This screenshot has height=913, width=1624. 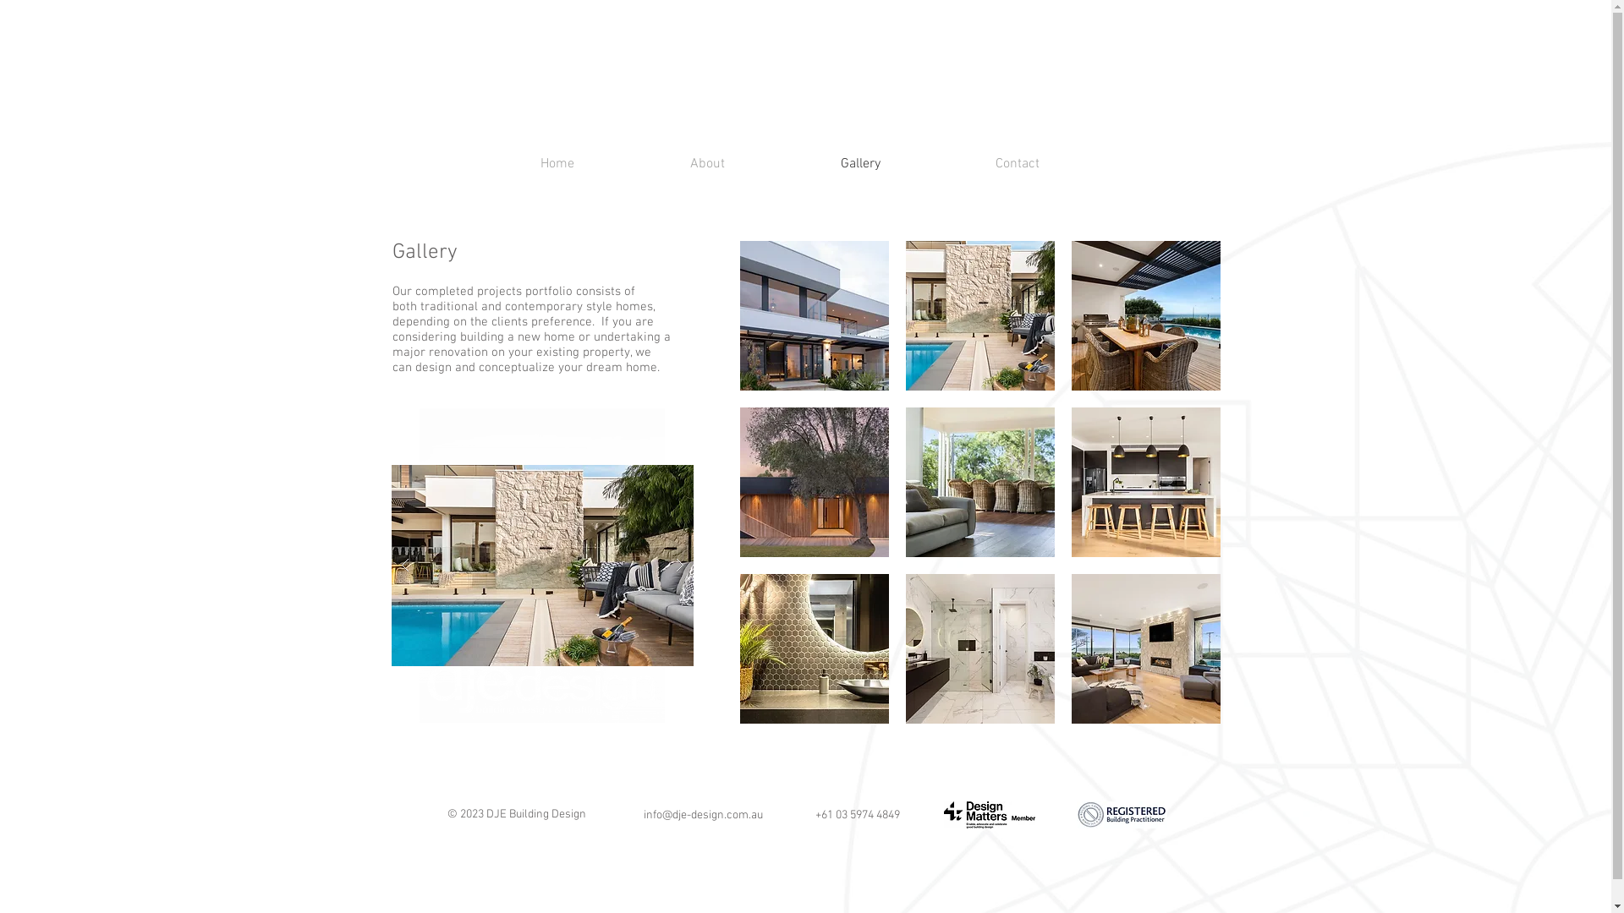 What do you see at coordinates (973, 164) in the screenshot?
I see `'Contact'` at bounding box center [973, 164].